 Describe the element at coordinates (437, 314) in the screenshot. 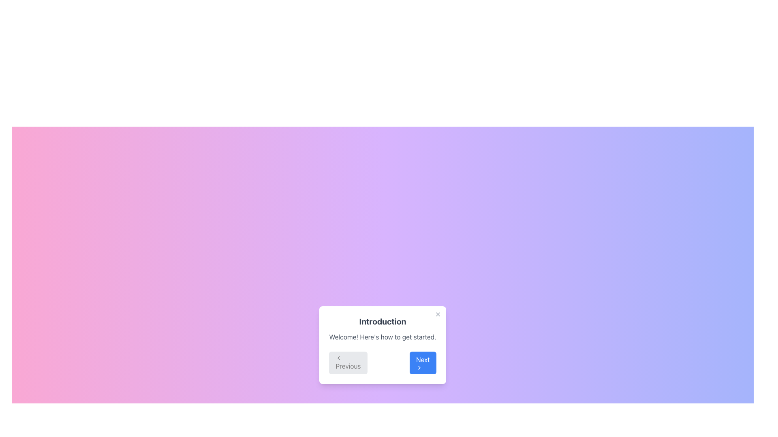

I see `the close button located in the top-right corner of the dialog box that contains the text 'Introduction Welcome! Here's how to get started.'` at that location.